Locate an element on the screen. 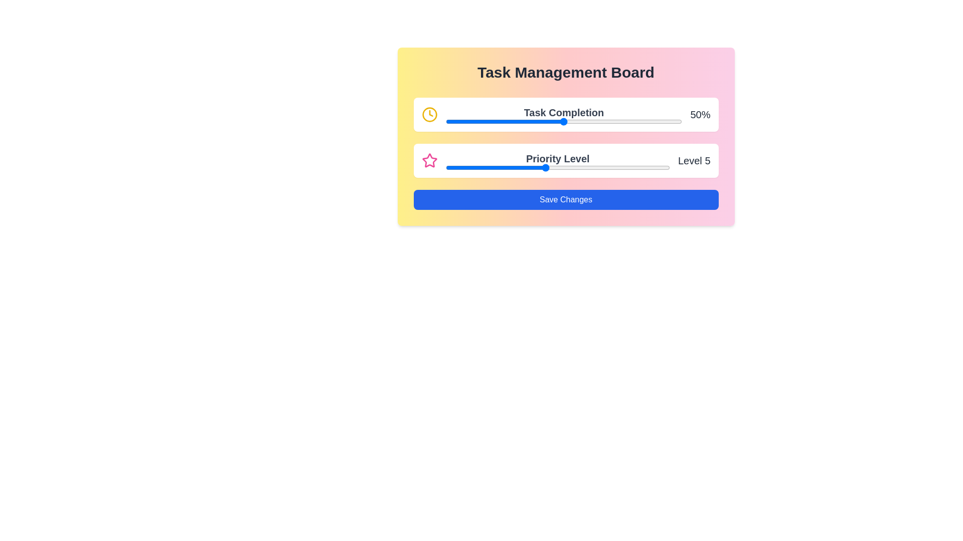 The height and width of the screenshot is (541, 963). priority level is located at coordinates (470, 167).